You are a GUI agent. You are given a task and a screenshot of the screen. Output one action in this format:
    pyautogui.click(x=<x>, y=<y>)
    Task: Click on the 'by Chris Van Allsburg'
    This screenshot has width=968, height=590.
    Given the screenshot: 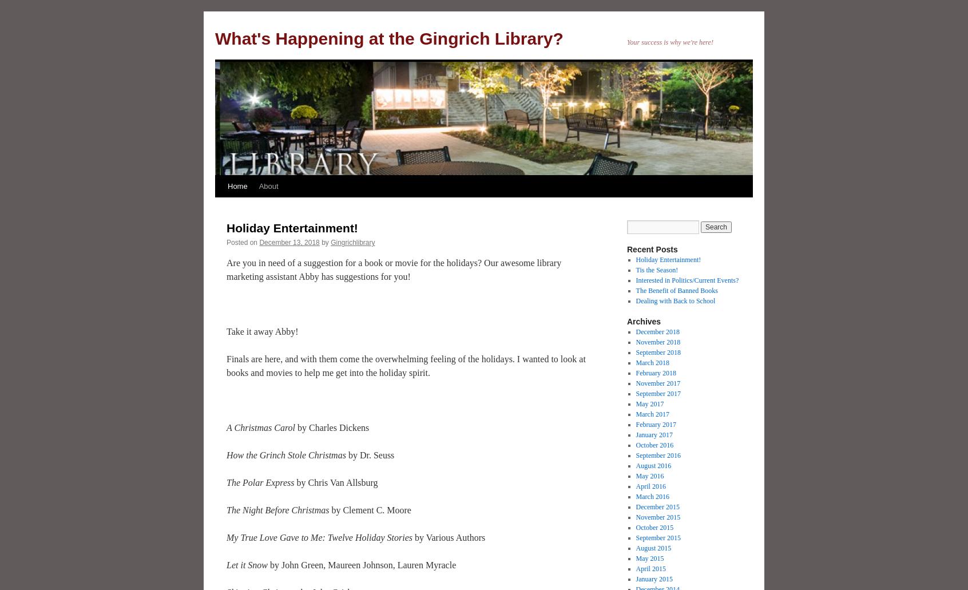 What is the action you would take?
    pyautogui.click(x=335, y=482)
    